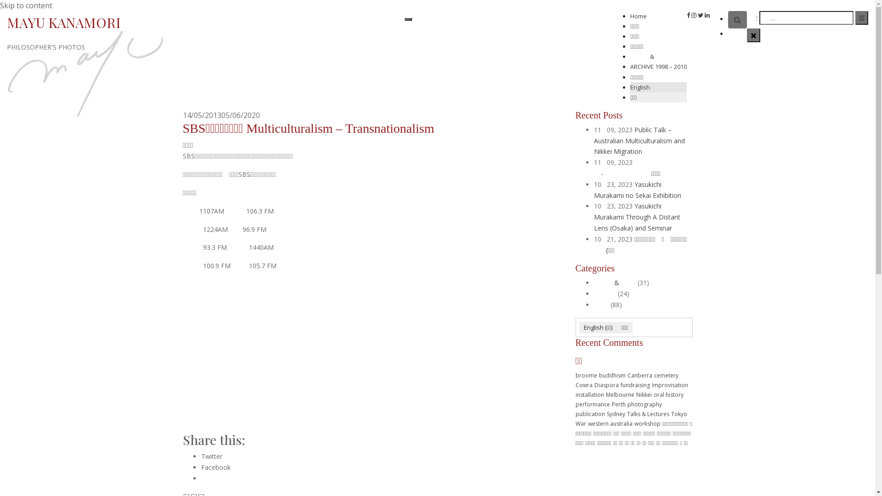  I want to click on 'Tokyo', so click(678, 414).